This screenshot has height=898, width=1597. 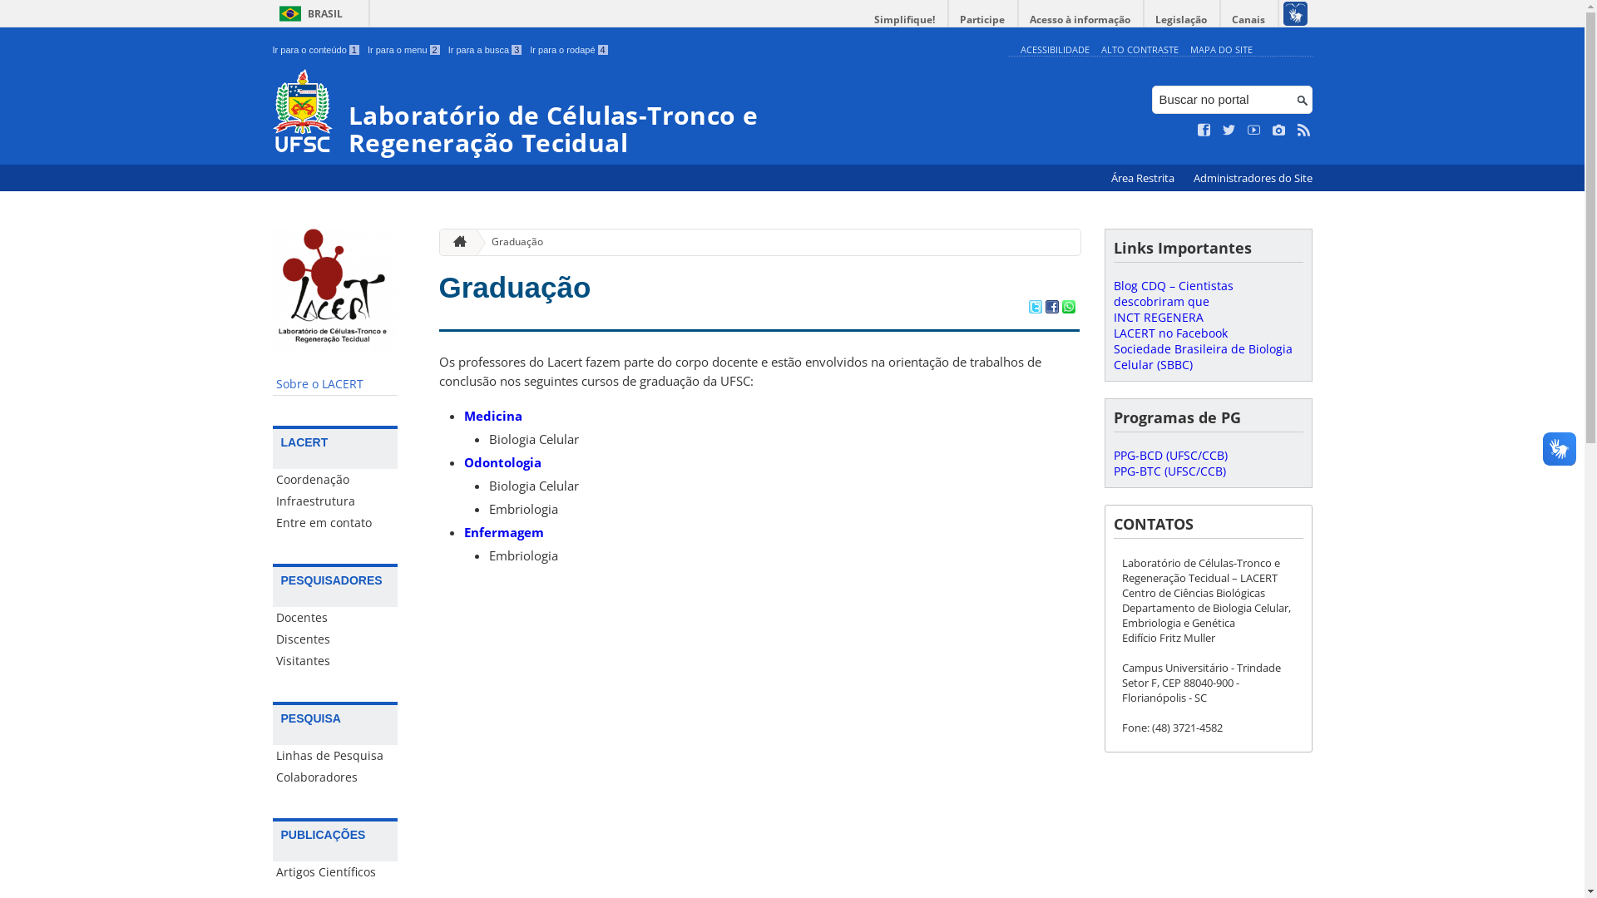 What do you see at coordinates (334, 500) in the screenshot?
I see `'Infraestrutura'` at bounding box center [334, 500].